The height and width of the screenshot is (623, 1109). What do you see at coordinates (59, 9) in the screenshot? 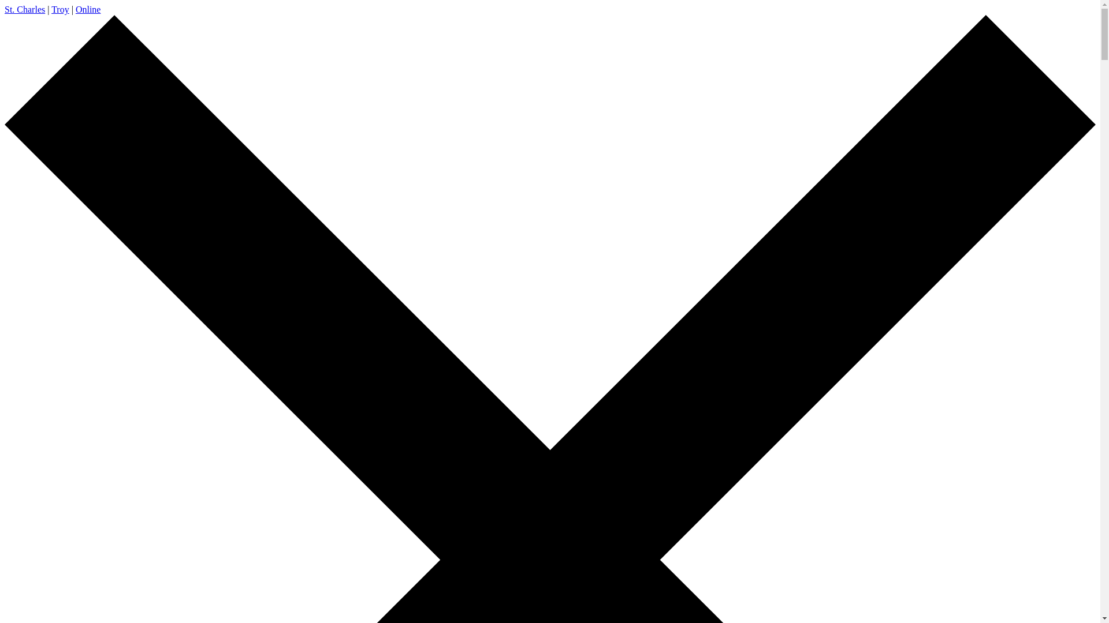
I see `'Troy'` at bounding box center [59, 9].